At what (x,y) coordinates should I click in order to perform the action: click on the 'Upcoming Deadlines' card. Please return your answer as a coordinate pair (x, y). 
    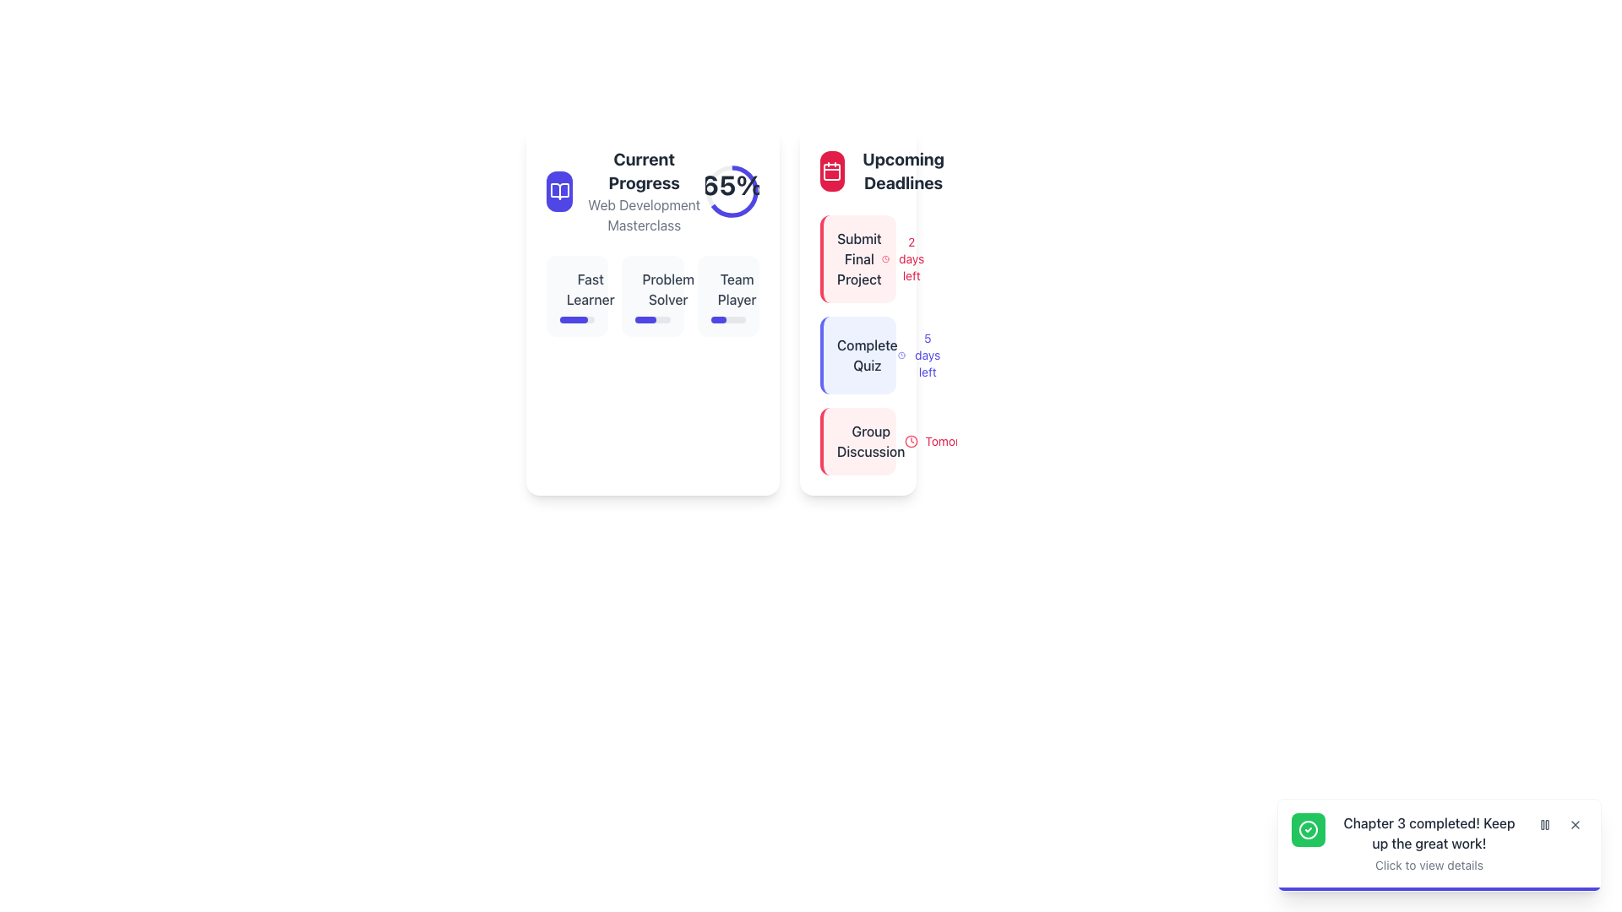
    Looking at the image, I should click on (858, 312).